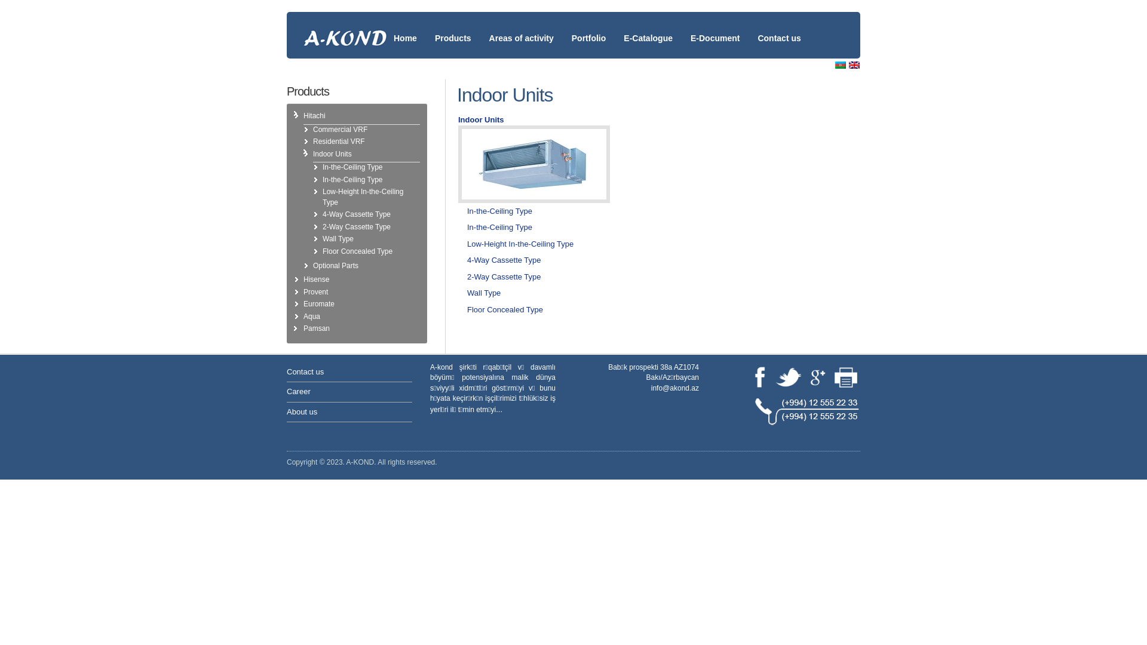 The width and height of the screenshot is (1147, 645). I want to click on '...', so click(499, 408).